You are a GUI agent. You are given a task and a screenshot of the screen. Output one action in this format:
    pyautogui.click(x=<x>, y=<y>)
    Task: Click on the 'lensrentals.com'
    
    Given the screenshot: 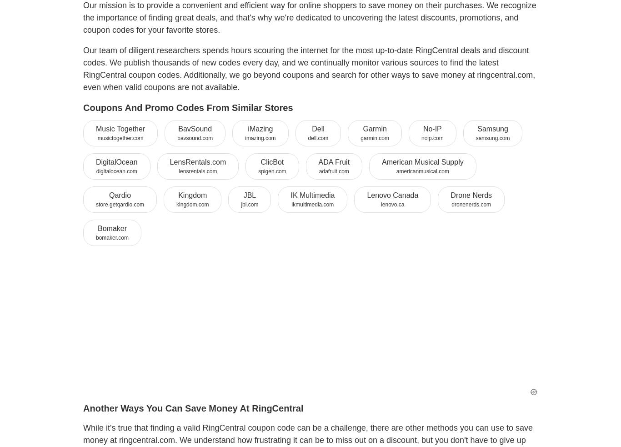 What is the action you would take?
    pyautogui.click(x=197, y=170)
    